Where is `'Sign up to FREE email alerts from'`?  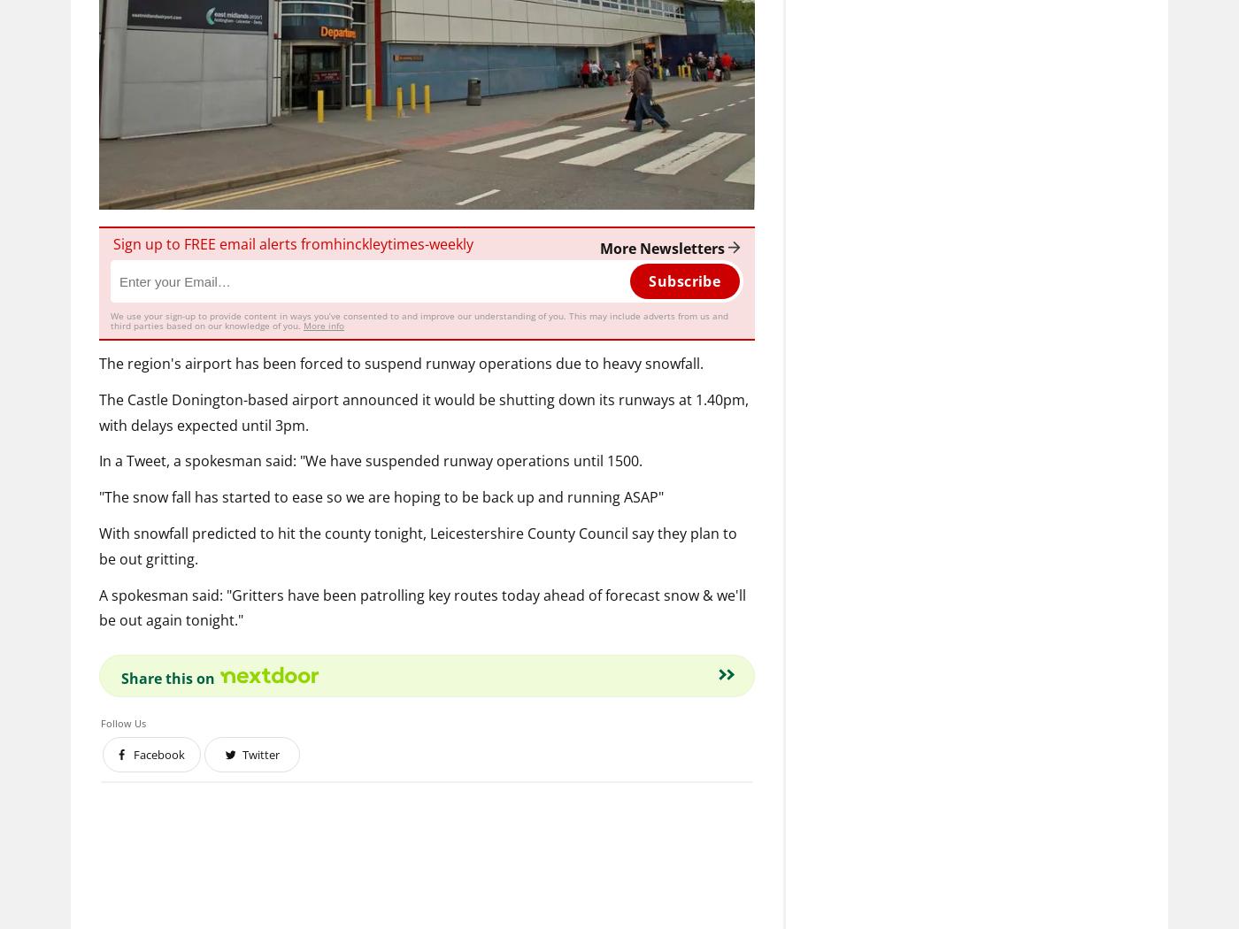
'Sign up to FREE email alerts from' is located at coordinates (223, 242).